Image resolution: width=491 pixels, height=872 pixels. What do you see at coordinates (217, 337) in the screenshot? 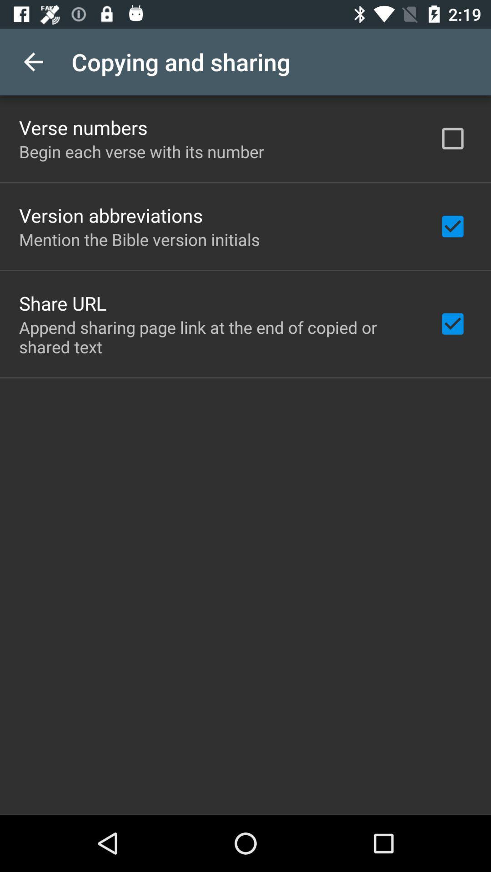
I see `item at the center` at bounding box center [217, 337].